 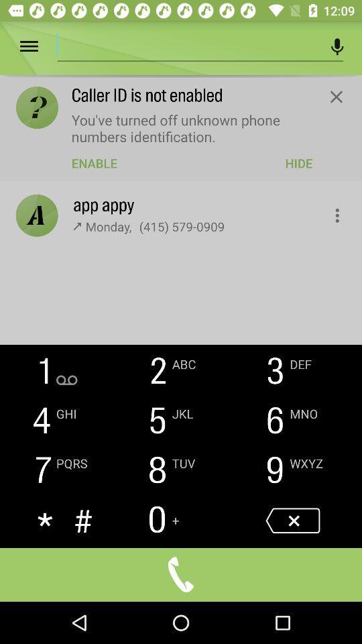 I want to click on advertisement, so click(x=188, y=44).